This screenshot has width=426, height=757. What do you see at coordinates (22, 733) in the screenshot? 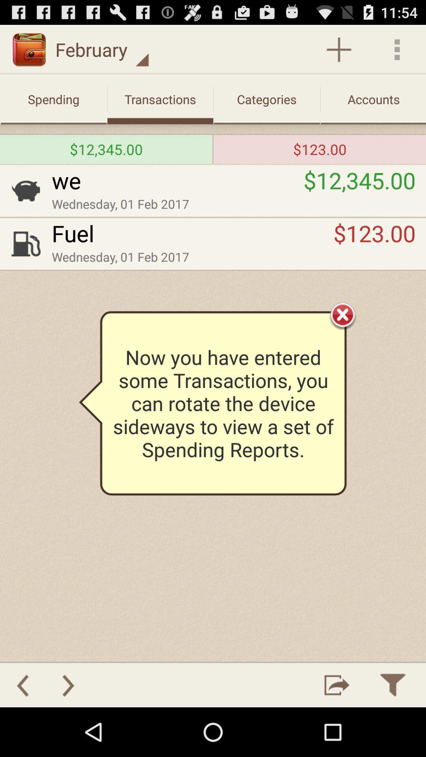
I see `the arrow_backward icon` at bounding box center [22, 733].